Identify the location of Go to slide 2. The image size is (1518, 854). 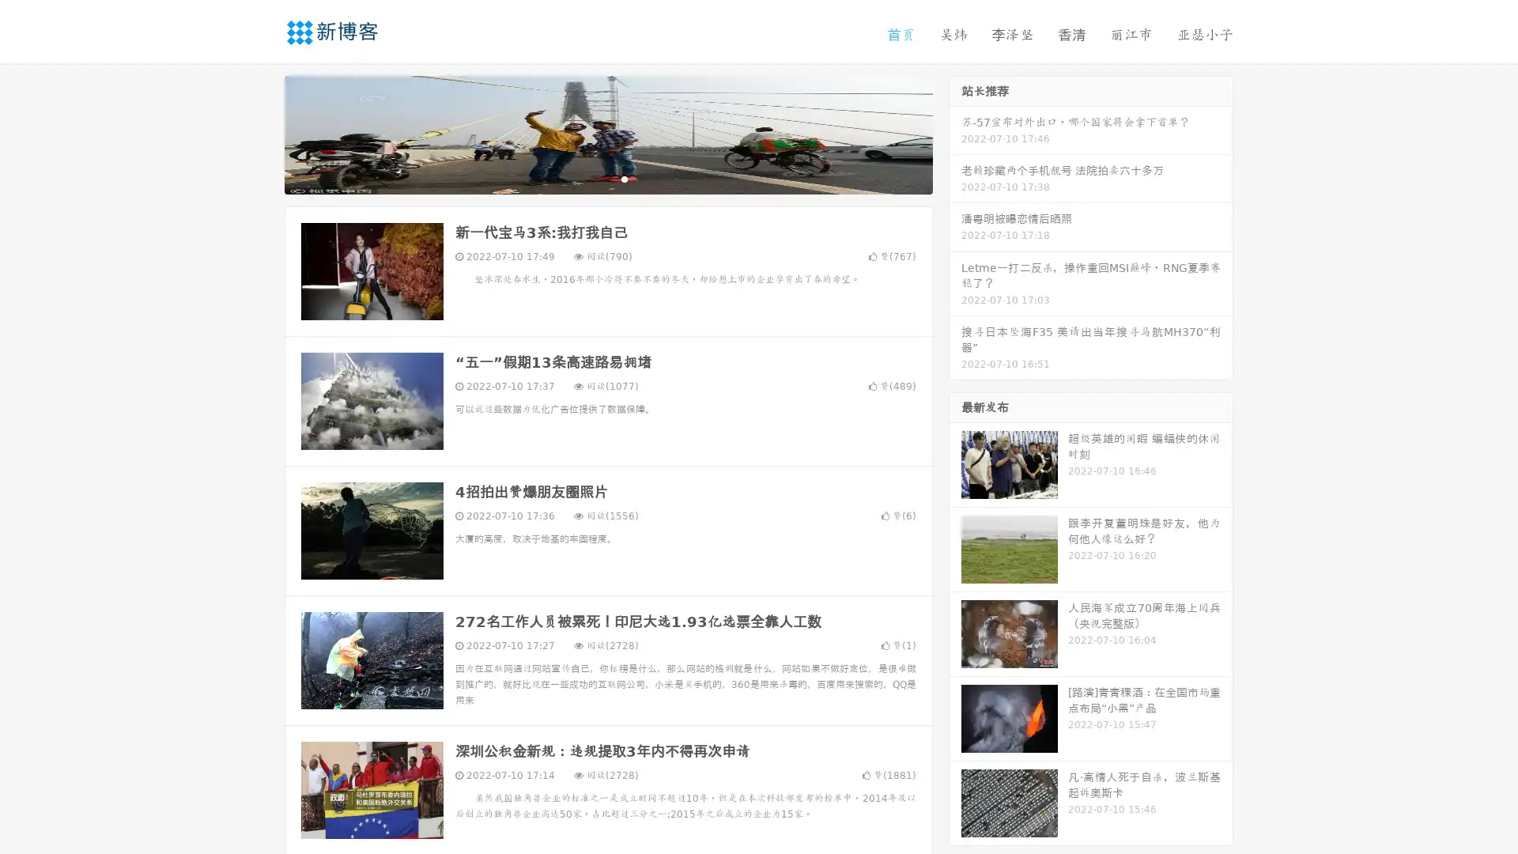
(607, 178).